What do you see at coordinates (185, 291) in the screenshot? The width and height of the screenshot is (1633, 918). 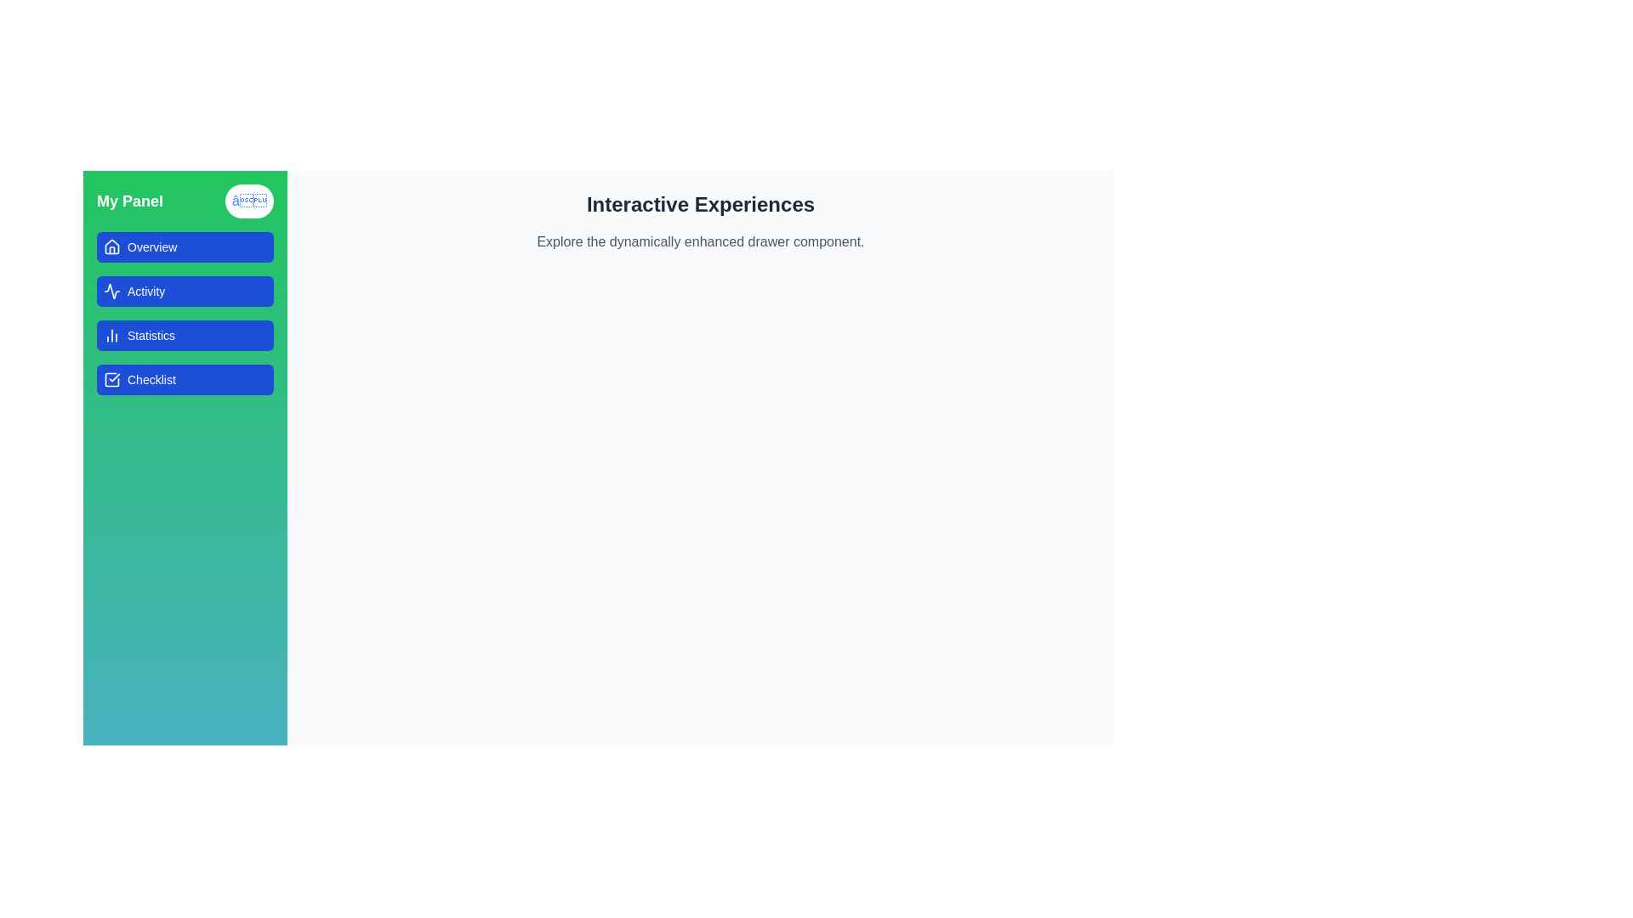 I see `the blue rectangular button labeled 'Activity' to change its background color` at bounding box center [185, 291].